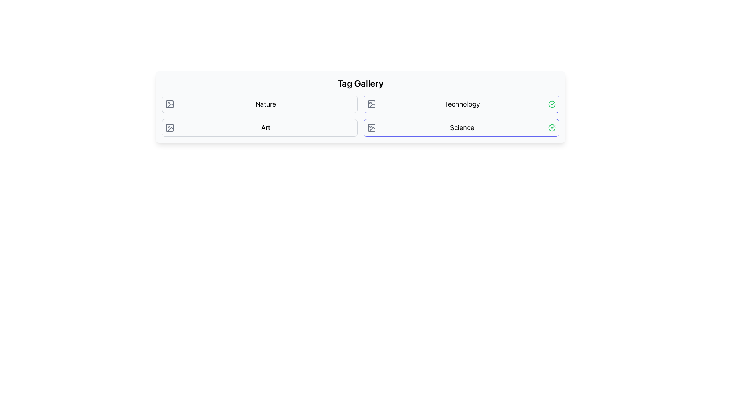 This screenshot has height=411, width=731. What do you see at coordinates (462, 104) in the screenshot?
I see `the 'Technology' tag text label located in the second row under the 'Tag Gallery' heading, which is centrally aligned with an icon to its left and a green checkmark to its right` at bounding box center [462, 104].